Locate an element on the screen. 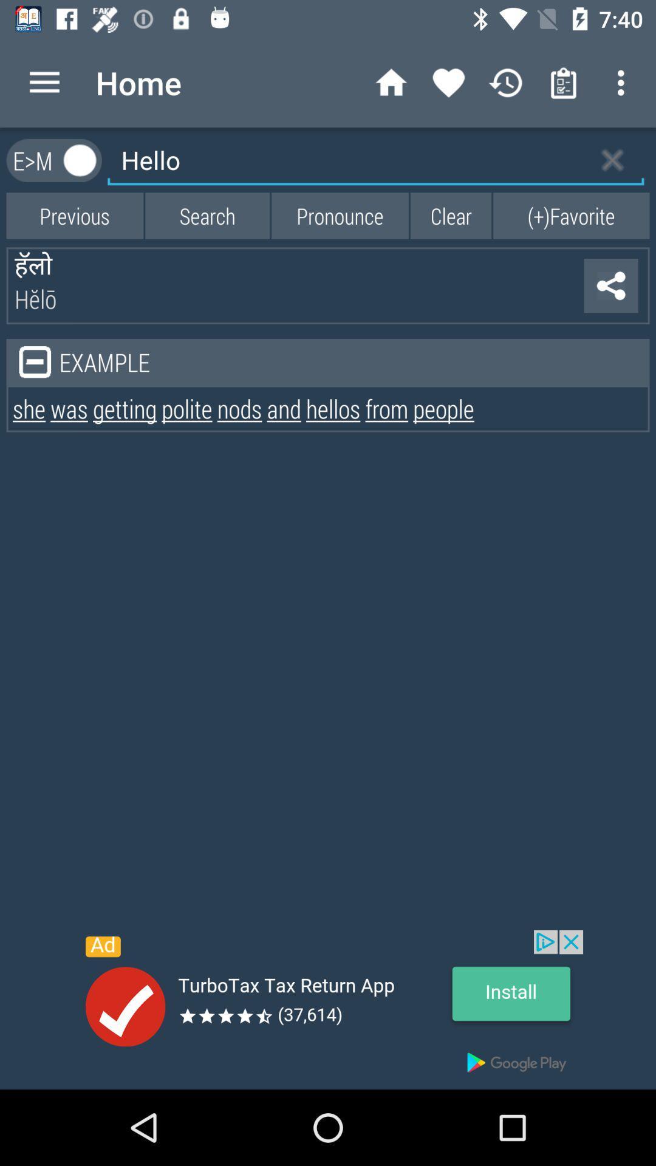 Image resolution: width=656 pixels, height=1166 pixels. show textbox options is located at coordinates (80, 160).